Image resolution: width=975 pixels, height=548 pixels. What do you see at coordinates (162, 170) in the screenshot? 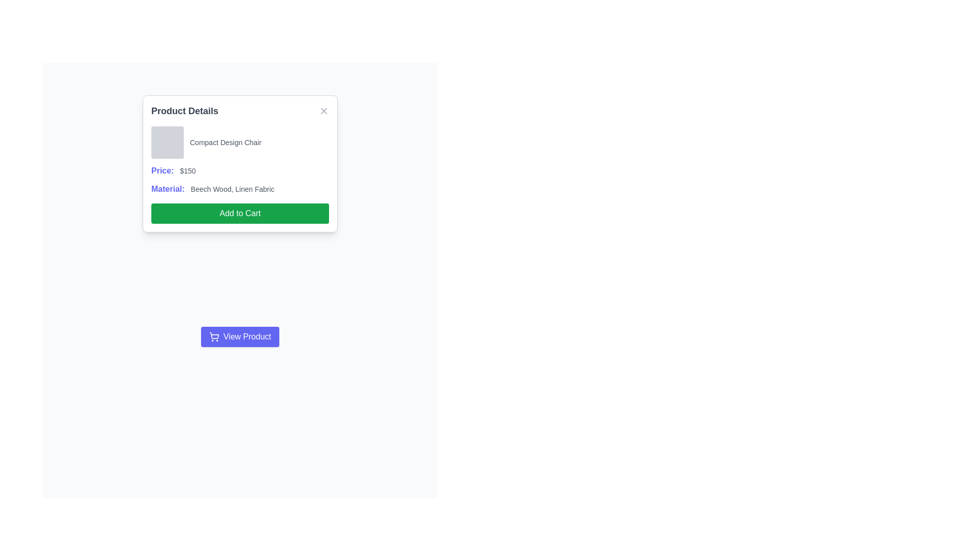
I see `the text label displaying 'Price:' in blue color with bold font, which is located in the 'Product Details' content card, above the '$150' value and below the product name and image` at bounding box center [162, 170].